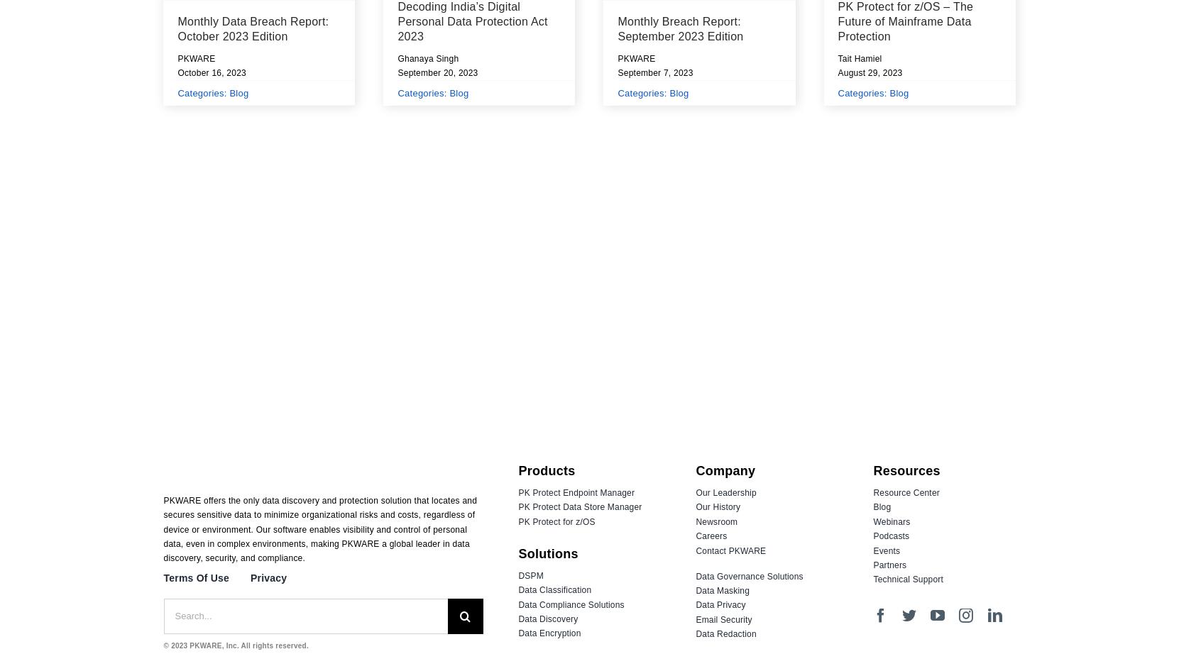 The width and height of the screenshot is (1179, 671). Describe the element at coordinates (725, 470) in the screenshot. I see `'Company'` at that location.